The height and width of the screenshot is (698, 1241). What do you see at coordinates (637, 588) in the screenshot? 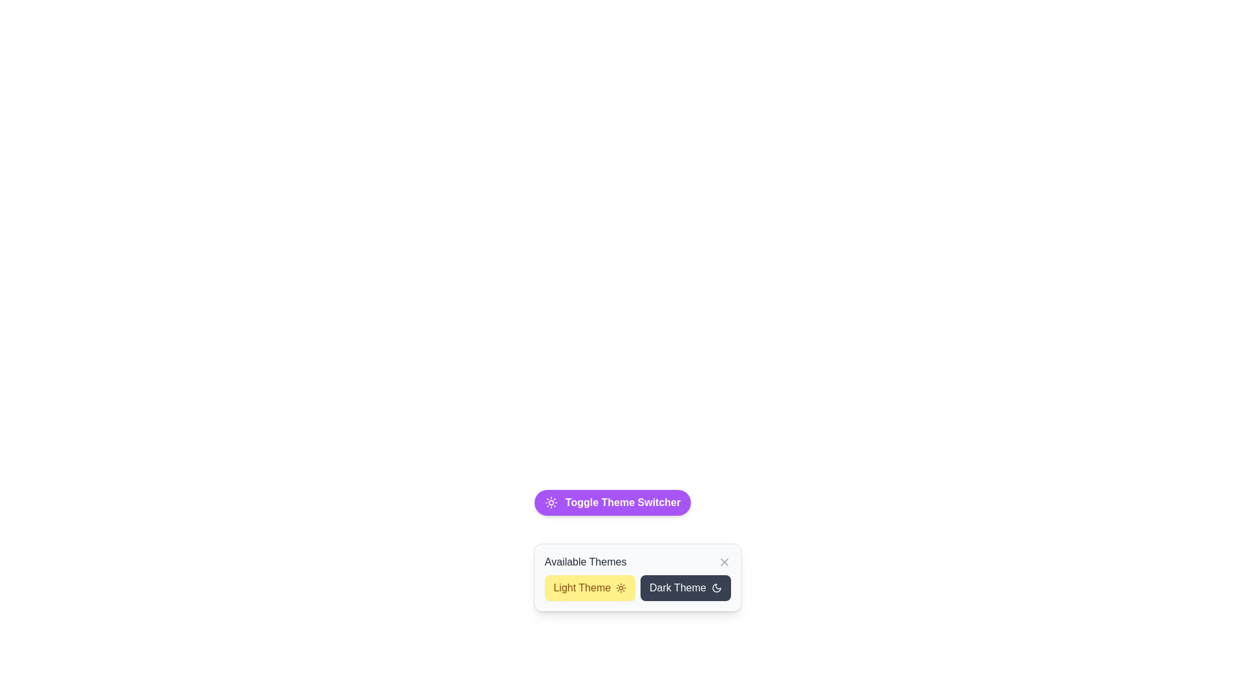
I see `the 'Dark Theme' section in the selectable grid for theme options` at bounding box center [637, 588].